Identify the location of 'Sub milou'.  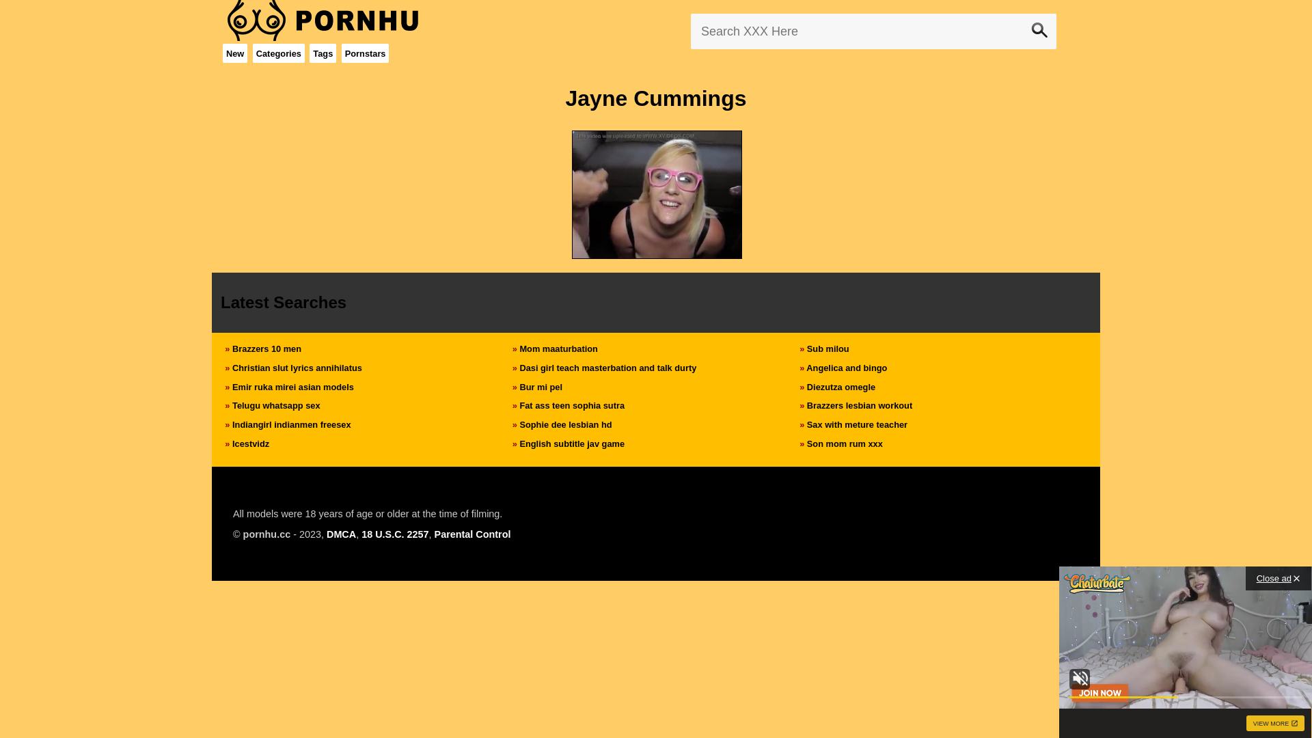
(827, 348).